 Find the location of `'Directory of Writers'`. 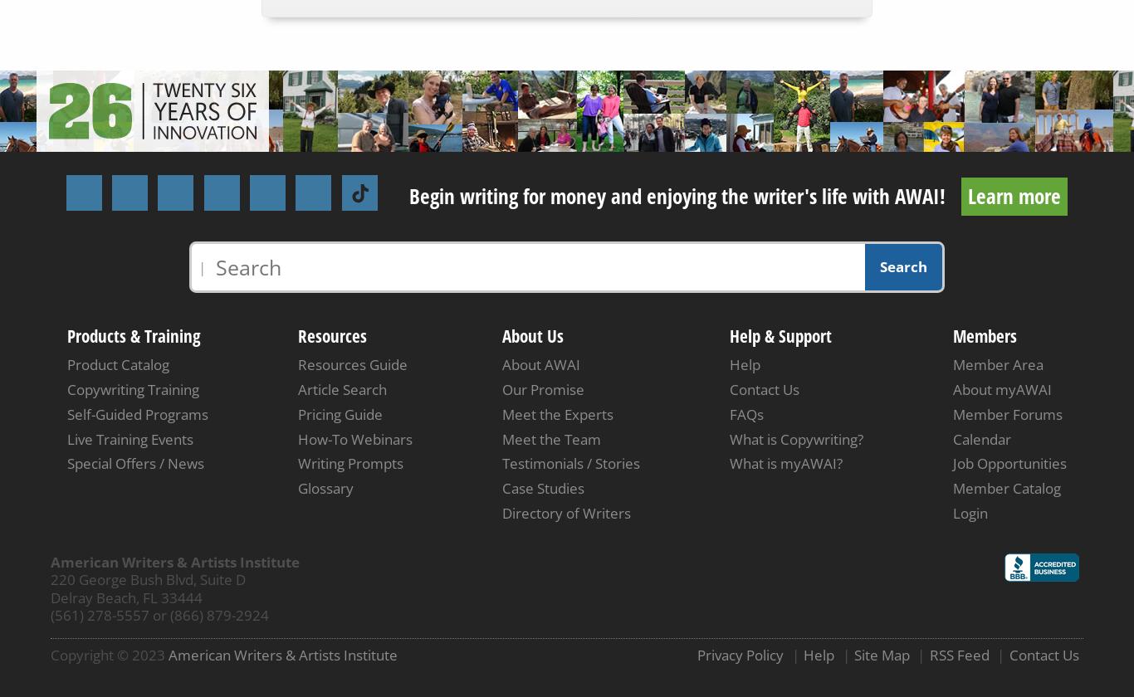

'Directory of Writers' is located at coordinates (565, 513).